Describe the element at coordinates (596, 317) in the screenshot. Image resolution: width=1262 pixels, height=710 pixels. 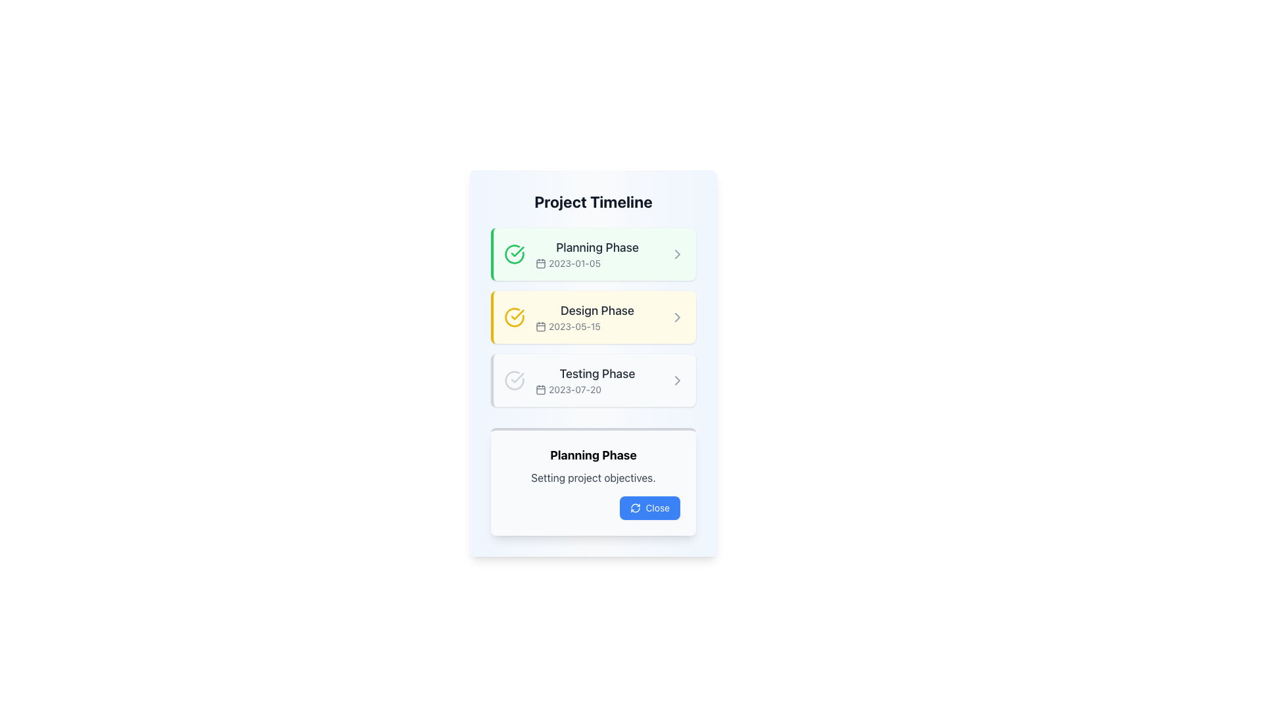
I see `the calendar icon on the 'Design Phase' card, which is the second card in a vertical list and features bold text 'Design Phase' and lighter text '2023-05-15' on a yellow background` at that location.